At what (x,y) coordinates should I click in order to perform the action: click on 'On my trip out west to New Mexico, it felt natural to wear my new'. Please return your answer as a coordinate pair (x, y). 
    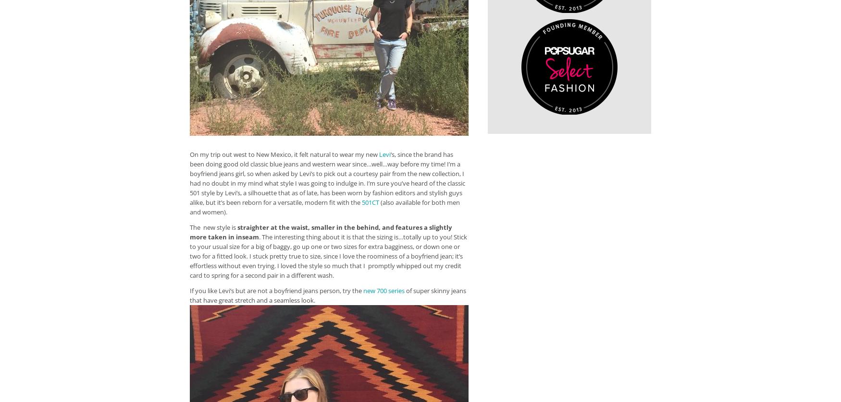
    Looking at the image, I should click on (284, 154).